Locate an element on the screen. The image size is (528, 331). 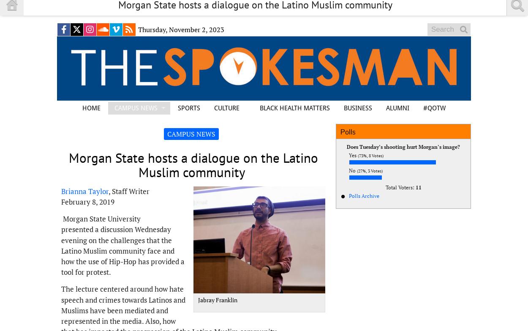
'BLACK HEALTH MATTERS' is located at coordinates (294, 108).